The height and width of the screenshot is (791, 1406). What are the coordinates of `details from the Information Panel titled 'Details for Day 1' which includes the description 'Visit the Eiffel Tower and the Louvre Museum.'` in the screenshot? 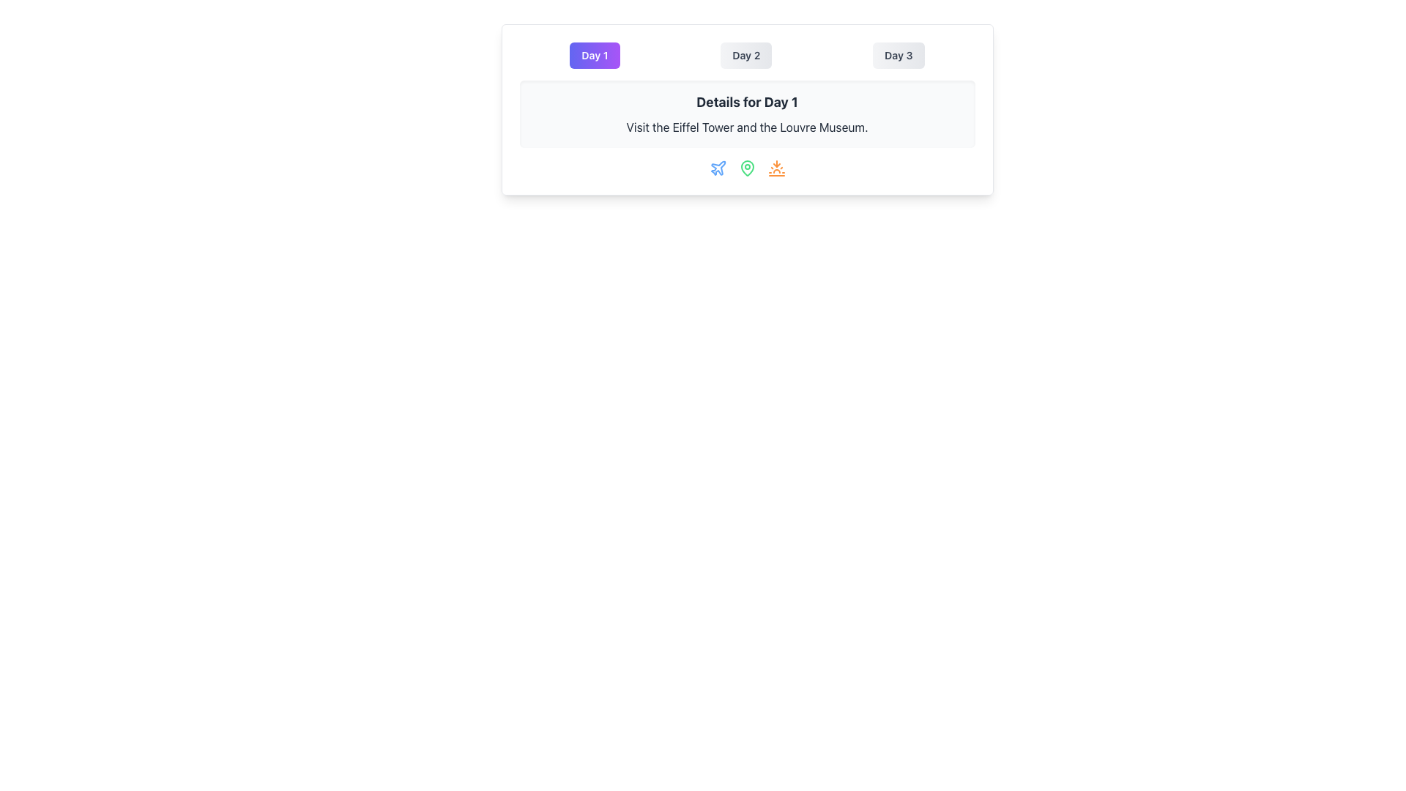 It's located at (747, 109).